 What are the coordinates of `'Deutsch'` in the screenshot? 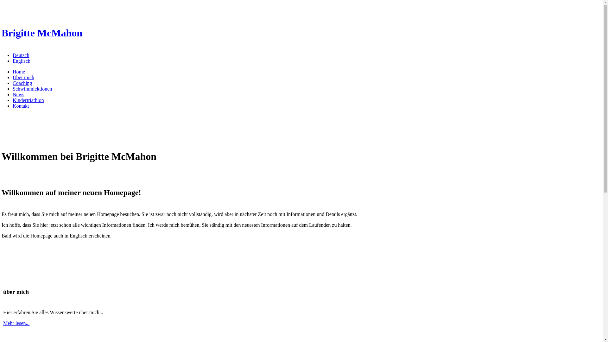 It's located at (21, 55).